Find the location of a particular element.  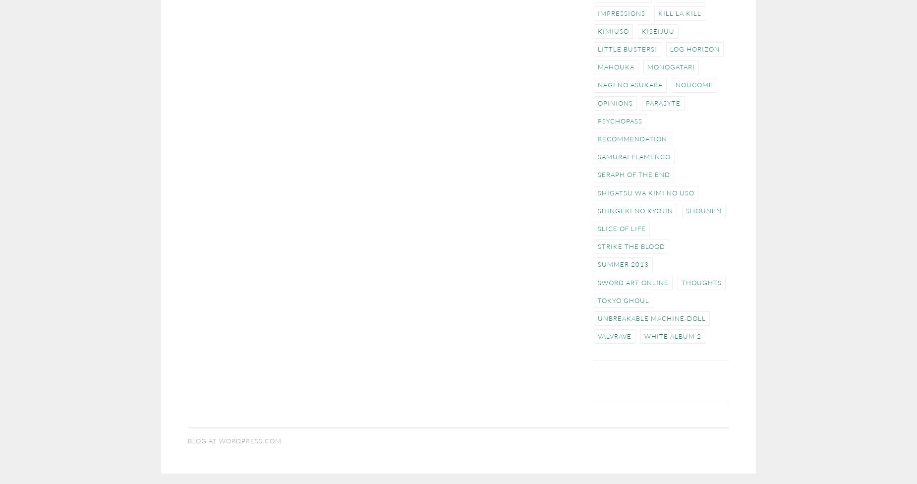

'Summer 2013' is located at coordinates (623, 264).